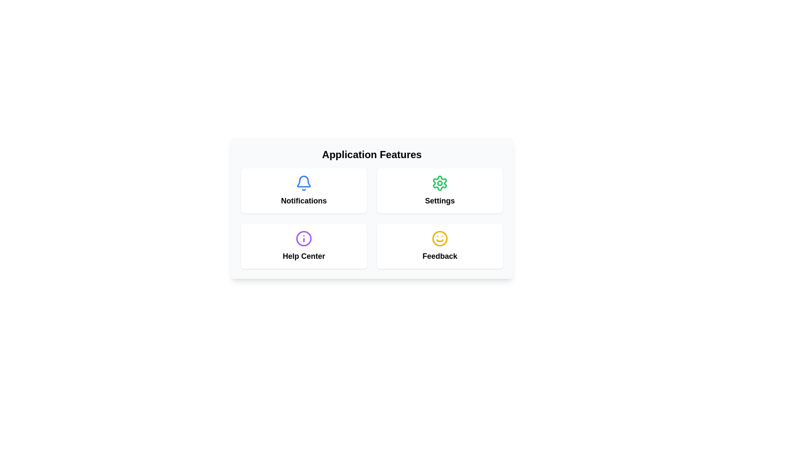 This screenshot has height=453, width=806. I want to click on the blue-stroked bell-shaped icon representing an alert or notification, located at the top-left corner among the four feature icons, so click(304, 181).